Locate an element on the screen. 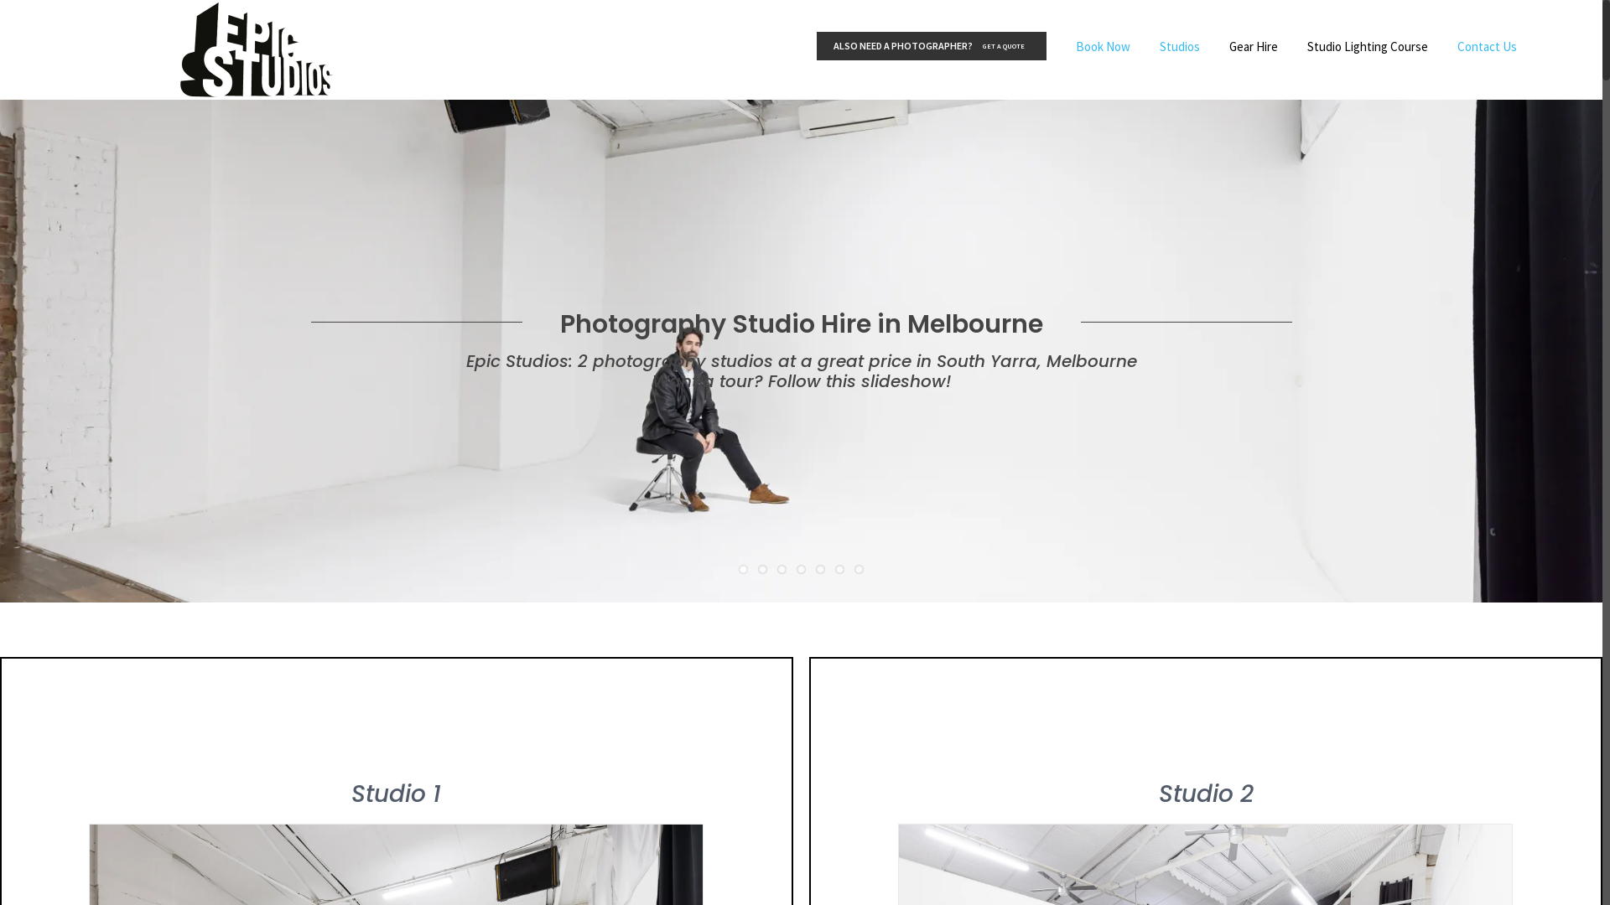 The width and height of the screenshot is (1610, 905). 'ALSO NEED A PHOTOGRAPHER? is located at coordinates (817, 44).